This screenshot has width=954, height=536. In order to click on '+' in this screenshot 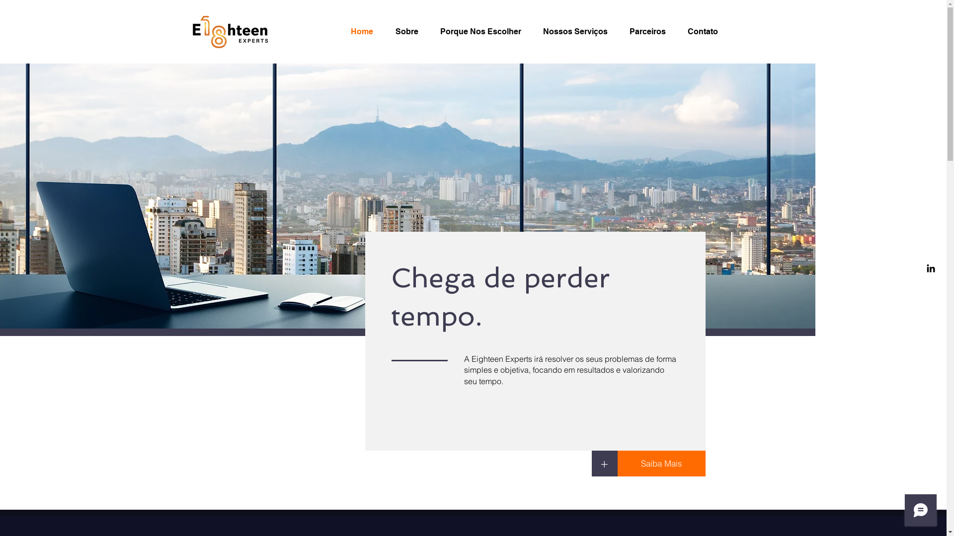, I will do `click(603, 463)`.